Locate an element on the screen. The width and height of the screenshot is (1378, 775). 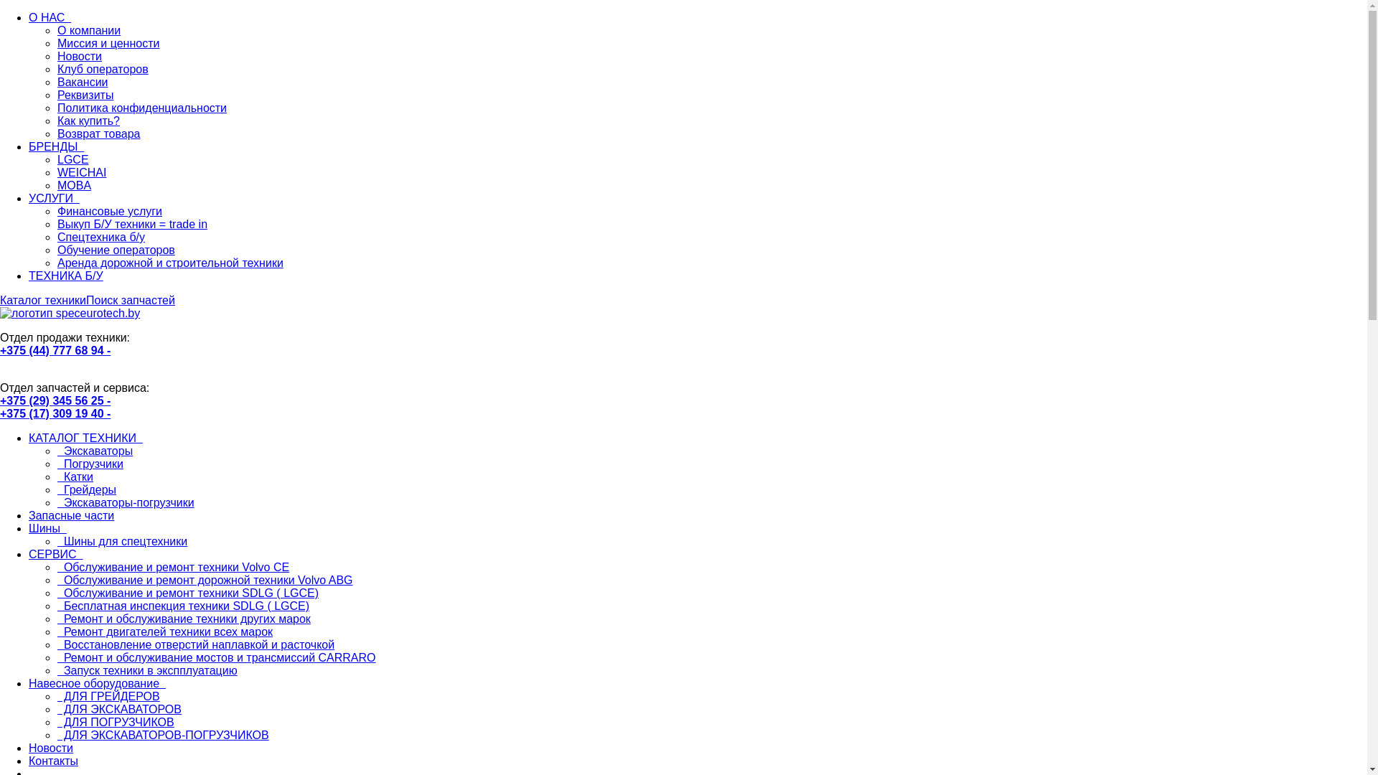
'LGCE' is located at coordinates (72, 159).